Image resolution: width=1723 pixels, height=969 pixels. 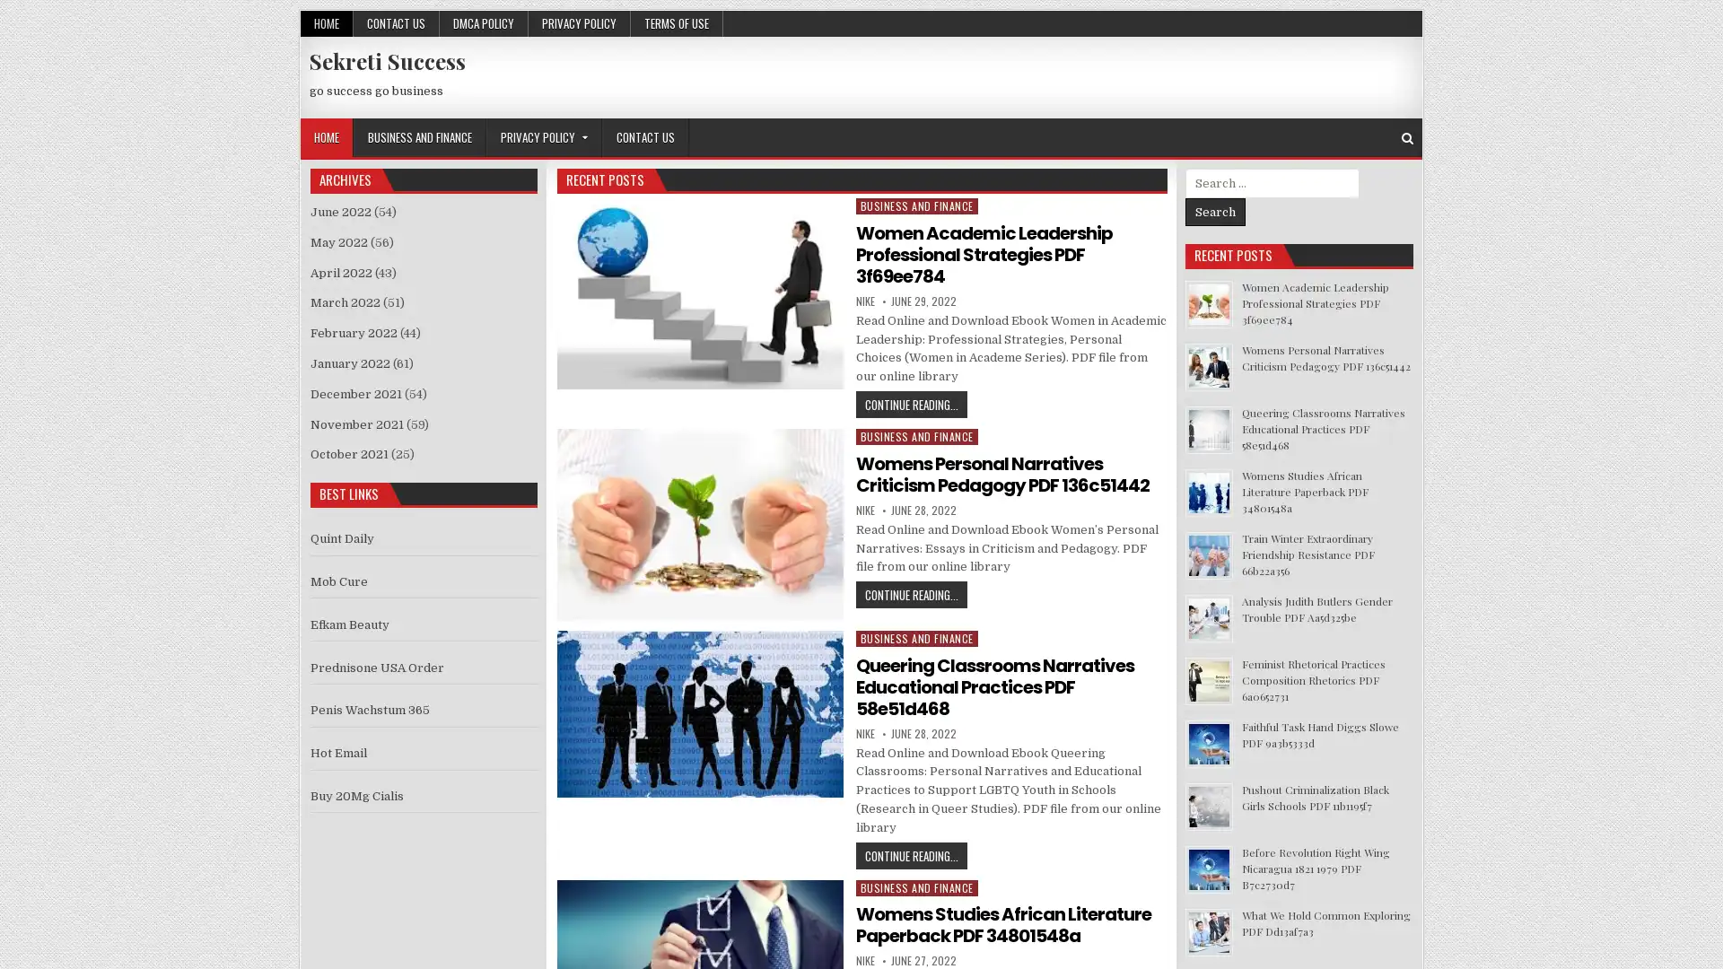 I want to click on Search, so click(x=1215, y=211).